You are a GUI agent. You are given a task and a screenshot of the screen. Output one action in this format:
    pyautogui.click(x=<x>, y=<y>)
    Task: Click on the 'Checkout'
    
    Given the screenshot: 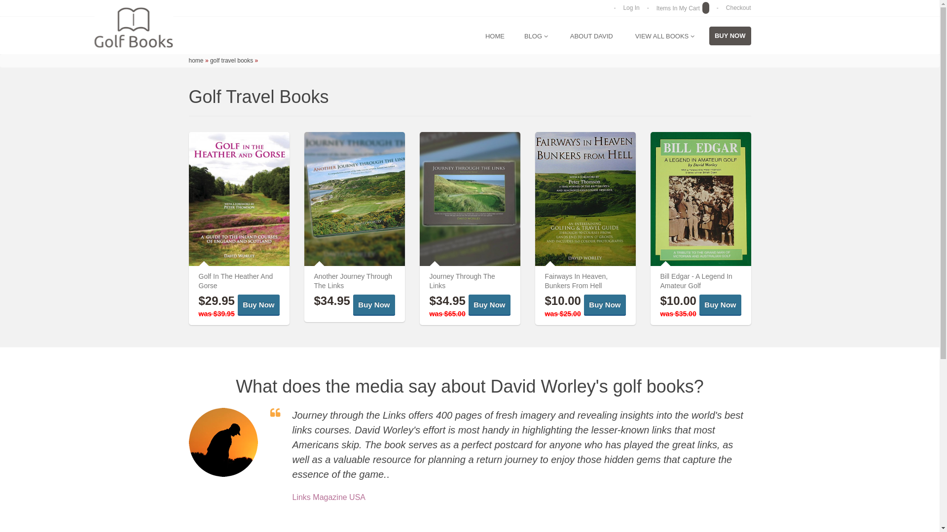 What is the action you would take?
    pyautogui.click(x=726, y=7)
    